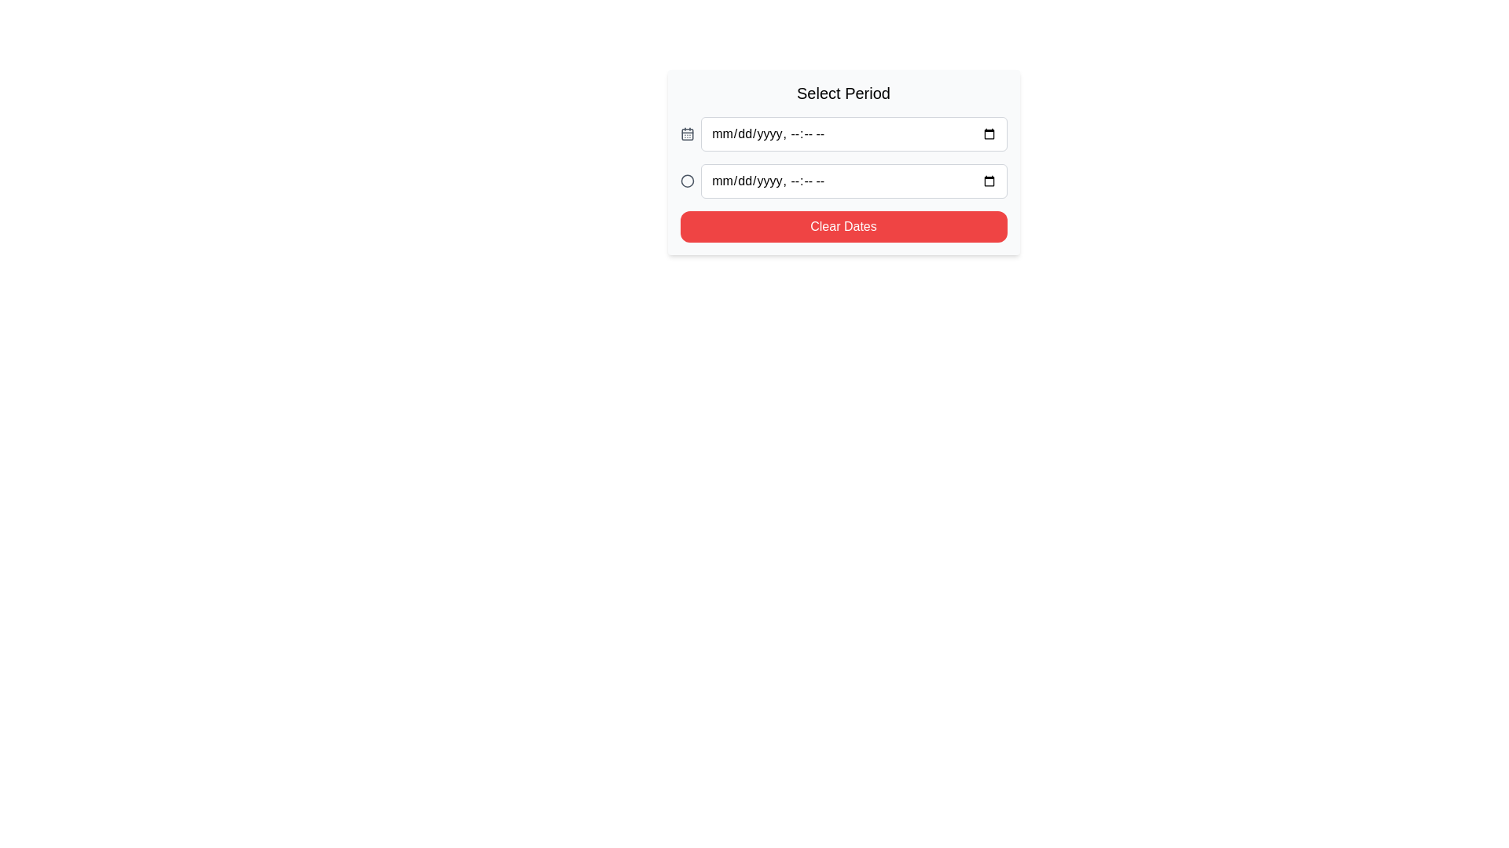 This screenshot has height=848, width=1509. Describe the element at coordinates (687, 133) in the screenshot. I see `the calendar icon located to the immediate left of the first date input field in the 'Select Period' section` at that location.